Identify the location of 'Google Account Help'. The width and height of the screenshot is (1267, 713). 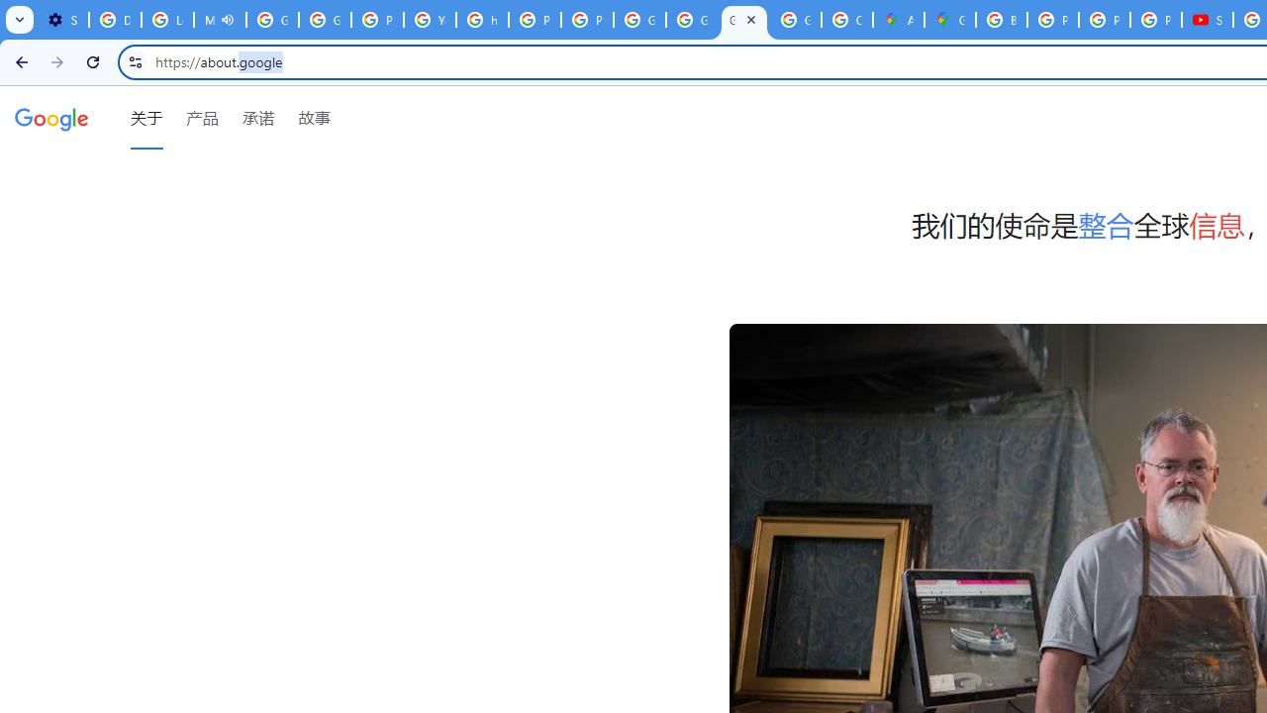
(271, 20).